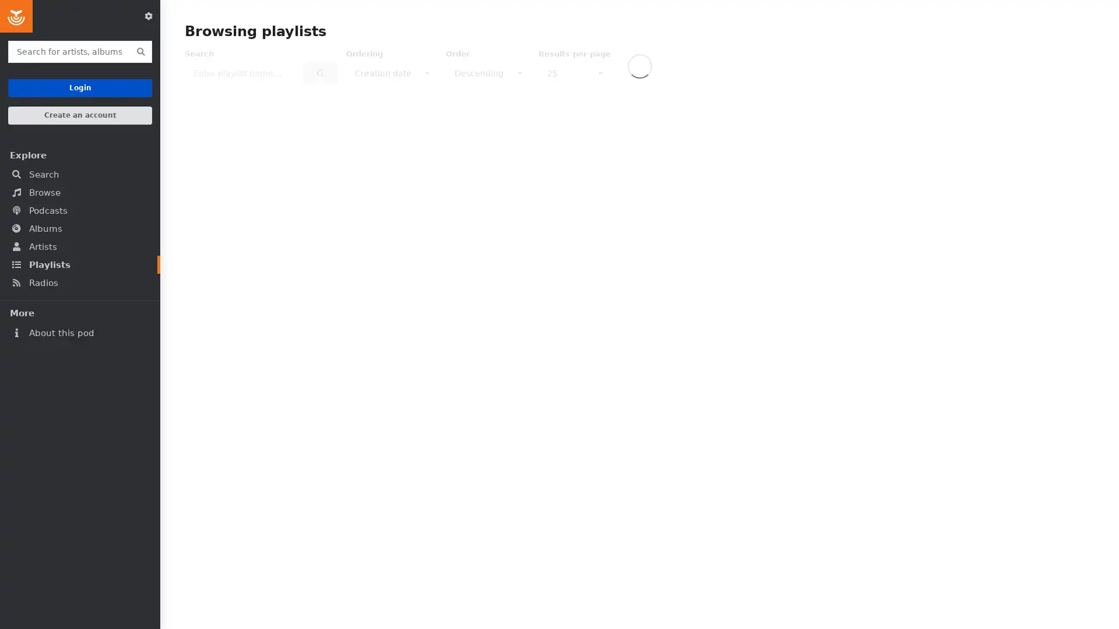  What do you see at coordinates (321, 73) in the screenshot?
I see `Search` at bounding box center [321, 73].